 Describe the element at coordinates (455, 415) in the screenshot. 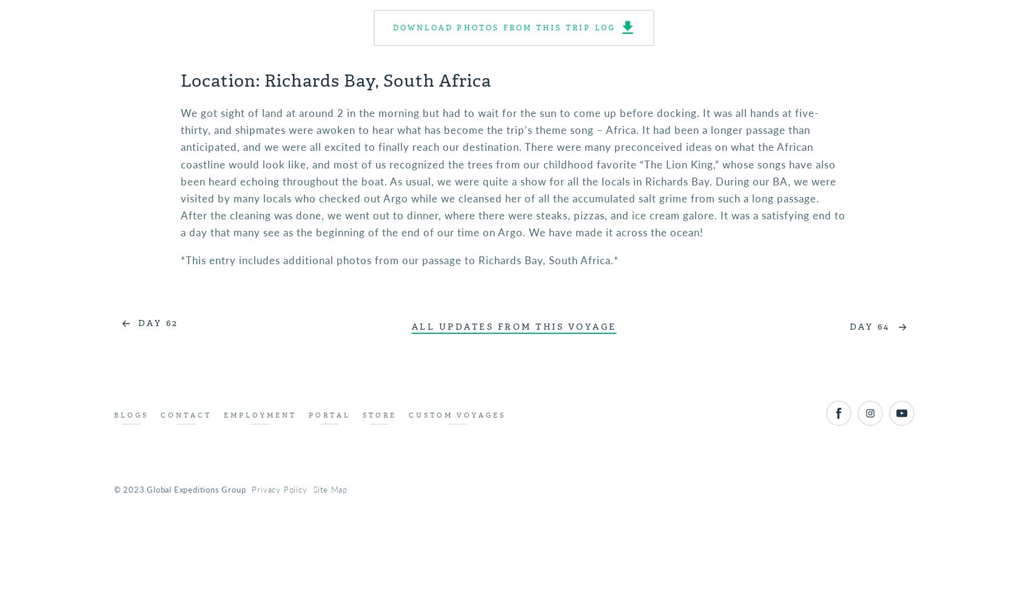

I see `'Custom Voyages'` at that location.